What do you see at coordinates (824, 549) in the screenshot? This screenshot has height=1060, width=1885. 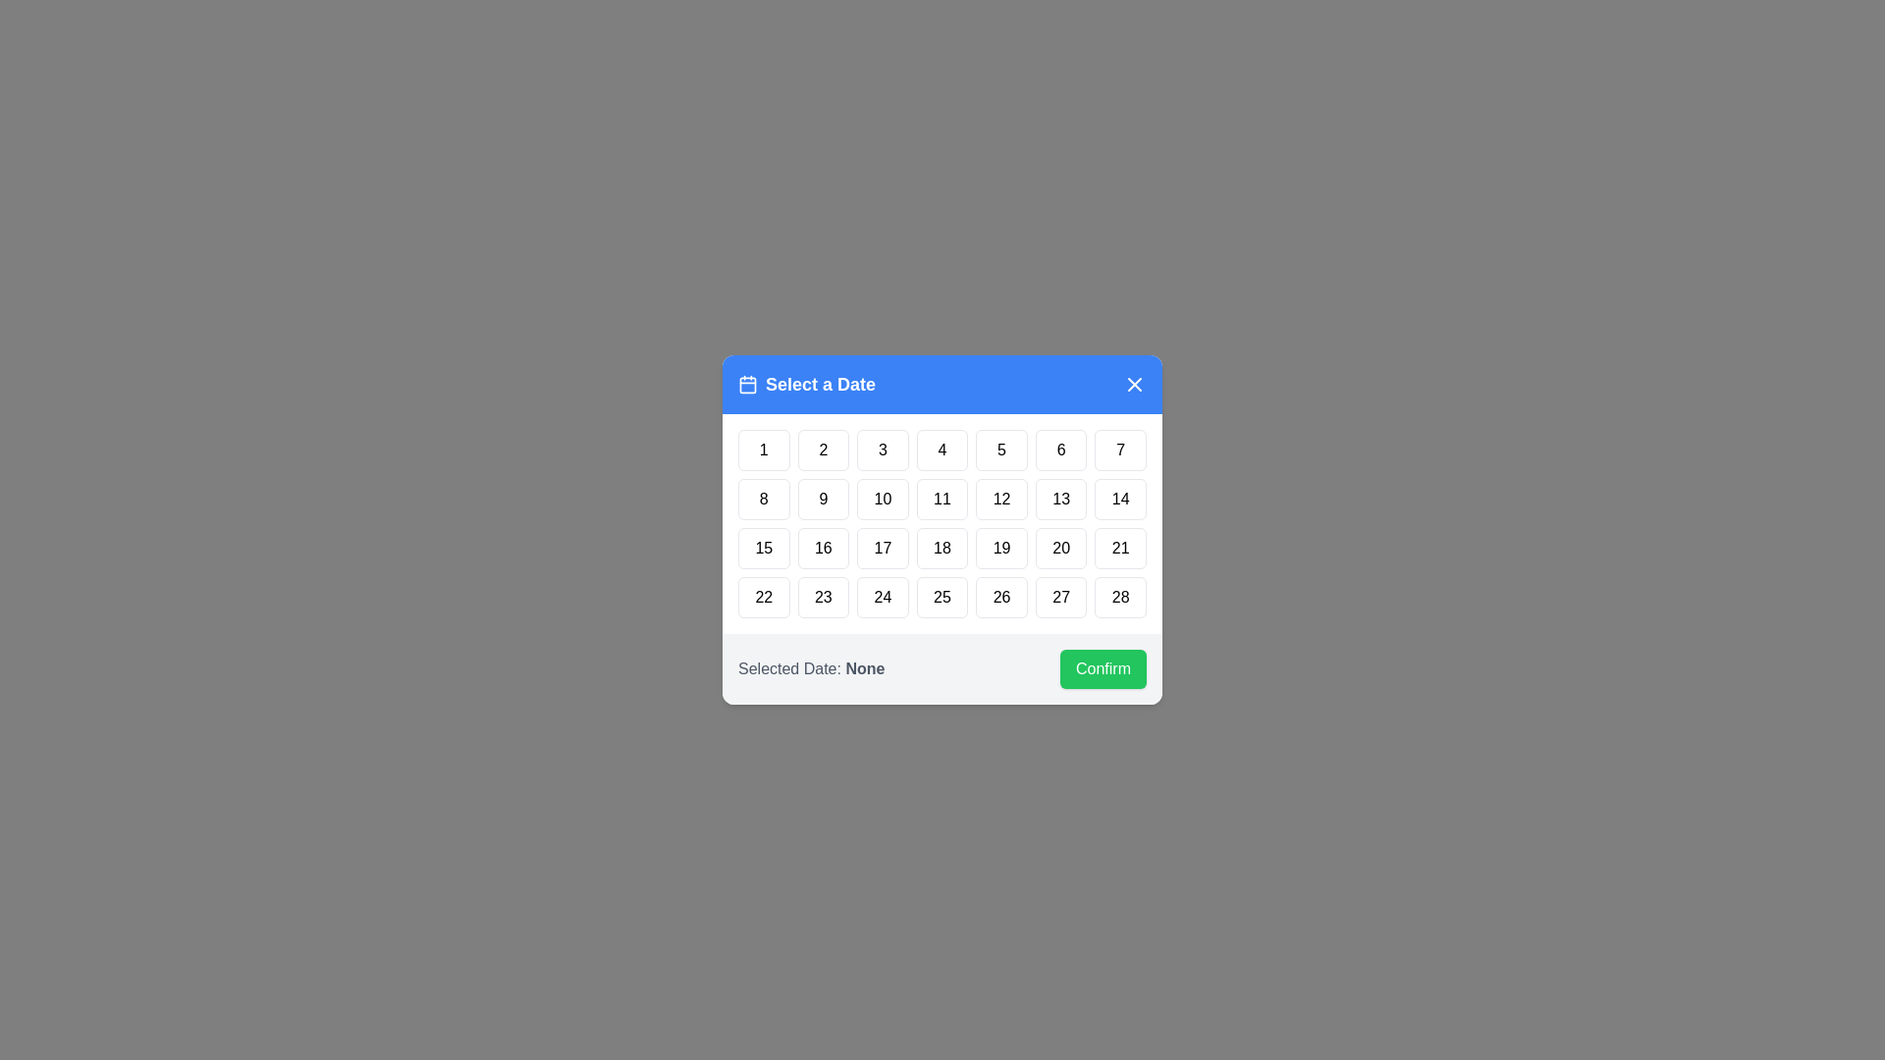 I see `the button representing the day 16 to select that date` at bounding box center [824, 549].